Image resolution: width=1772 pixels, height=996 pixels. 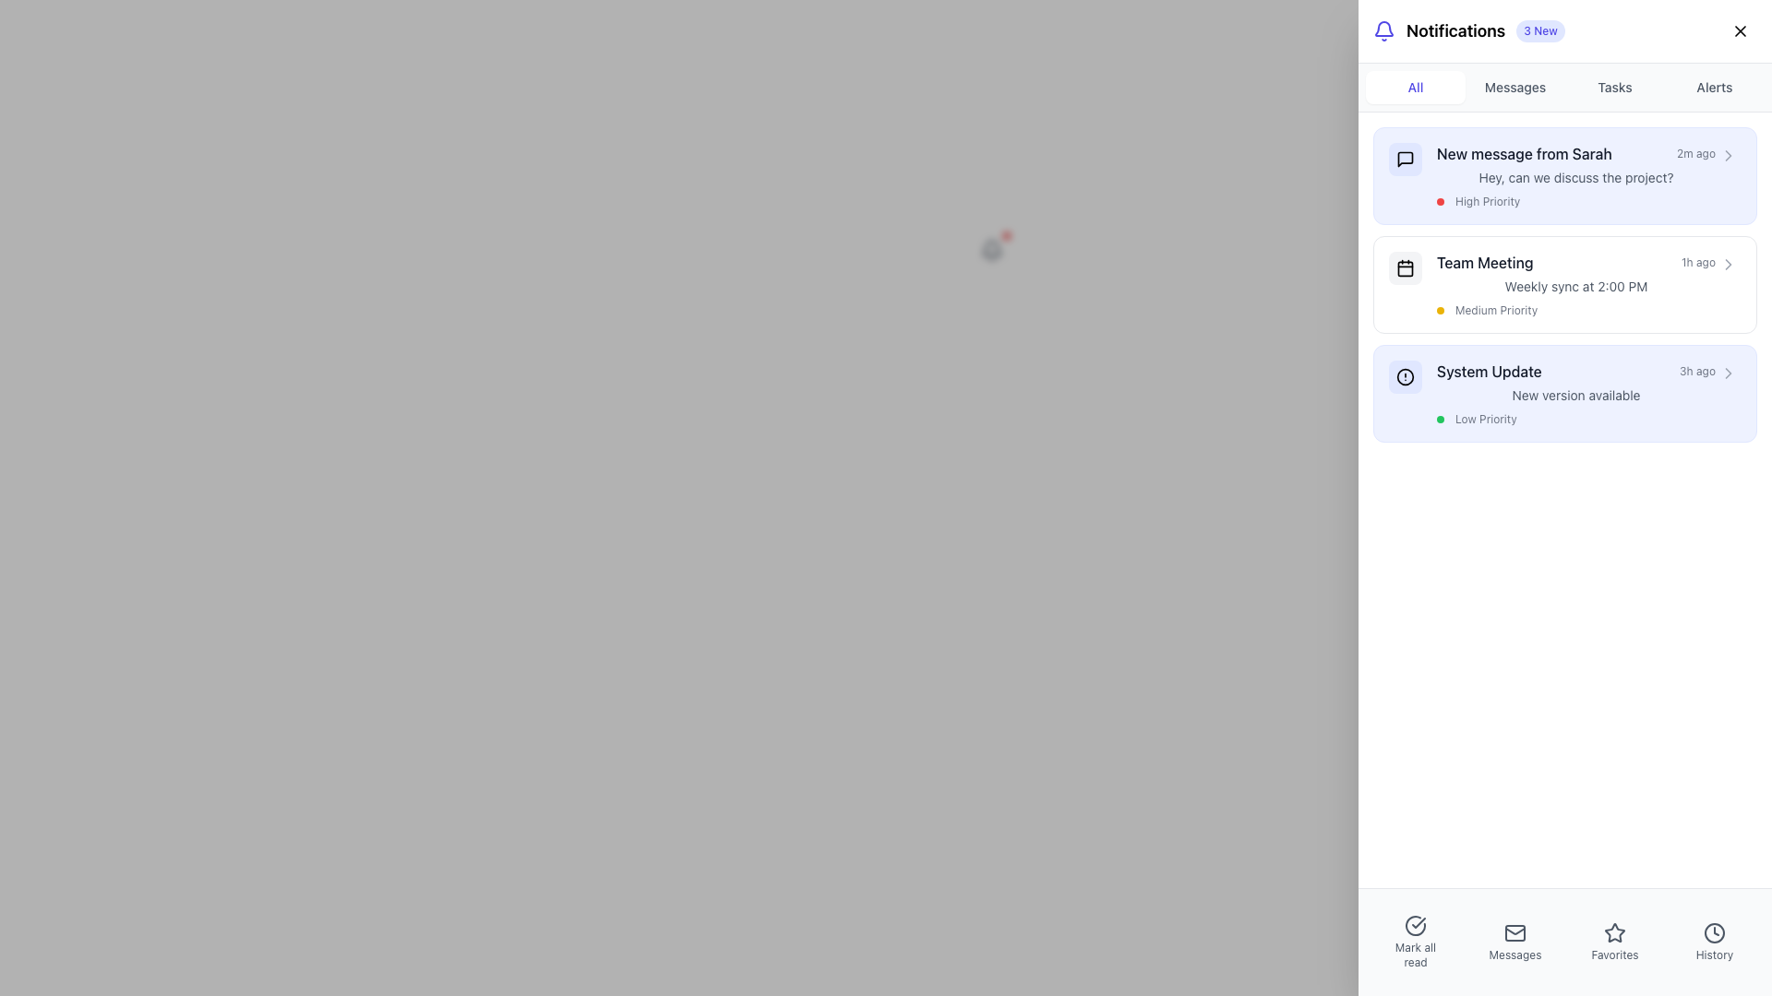 What do you see at coordinates (1383, 31) in the screenshot?
I see `the bell-shaped notification icon with a blue outline located at the top right corner of the interface` at bounding box center [1383, 31].